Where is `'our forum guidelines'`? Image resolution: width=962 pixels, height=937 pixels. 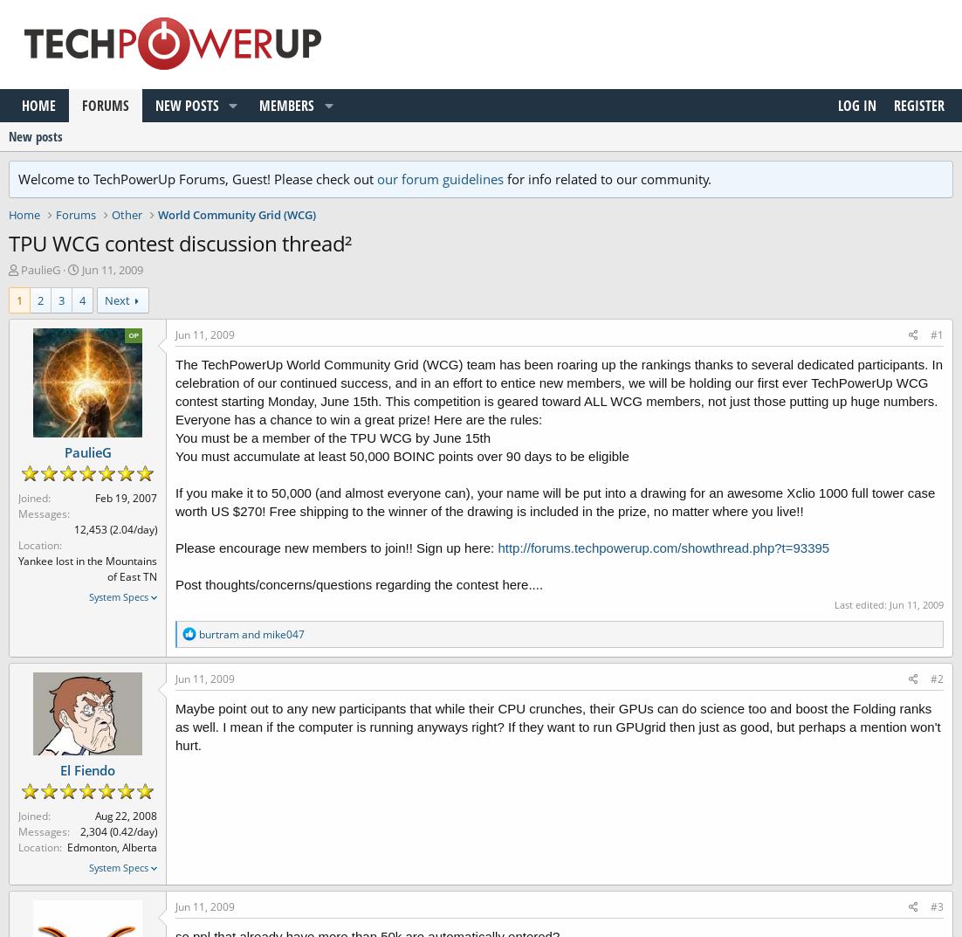
'our forum guidelines' is located at coordinates (440, 179).